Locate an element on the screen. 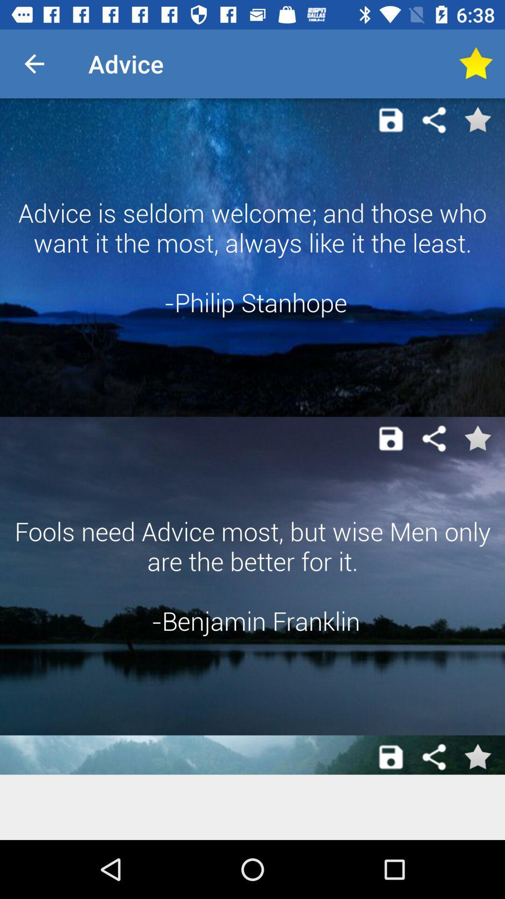  like/save is located at coordinates (476, 63).